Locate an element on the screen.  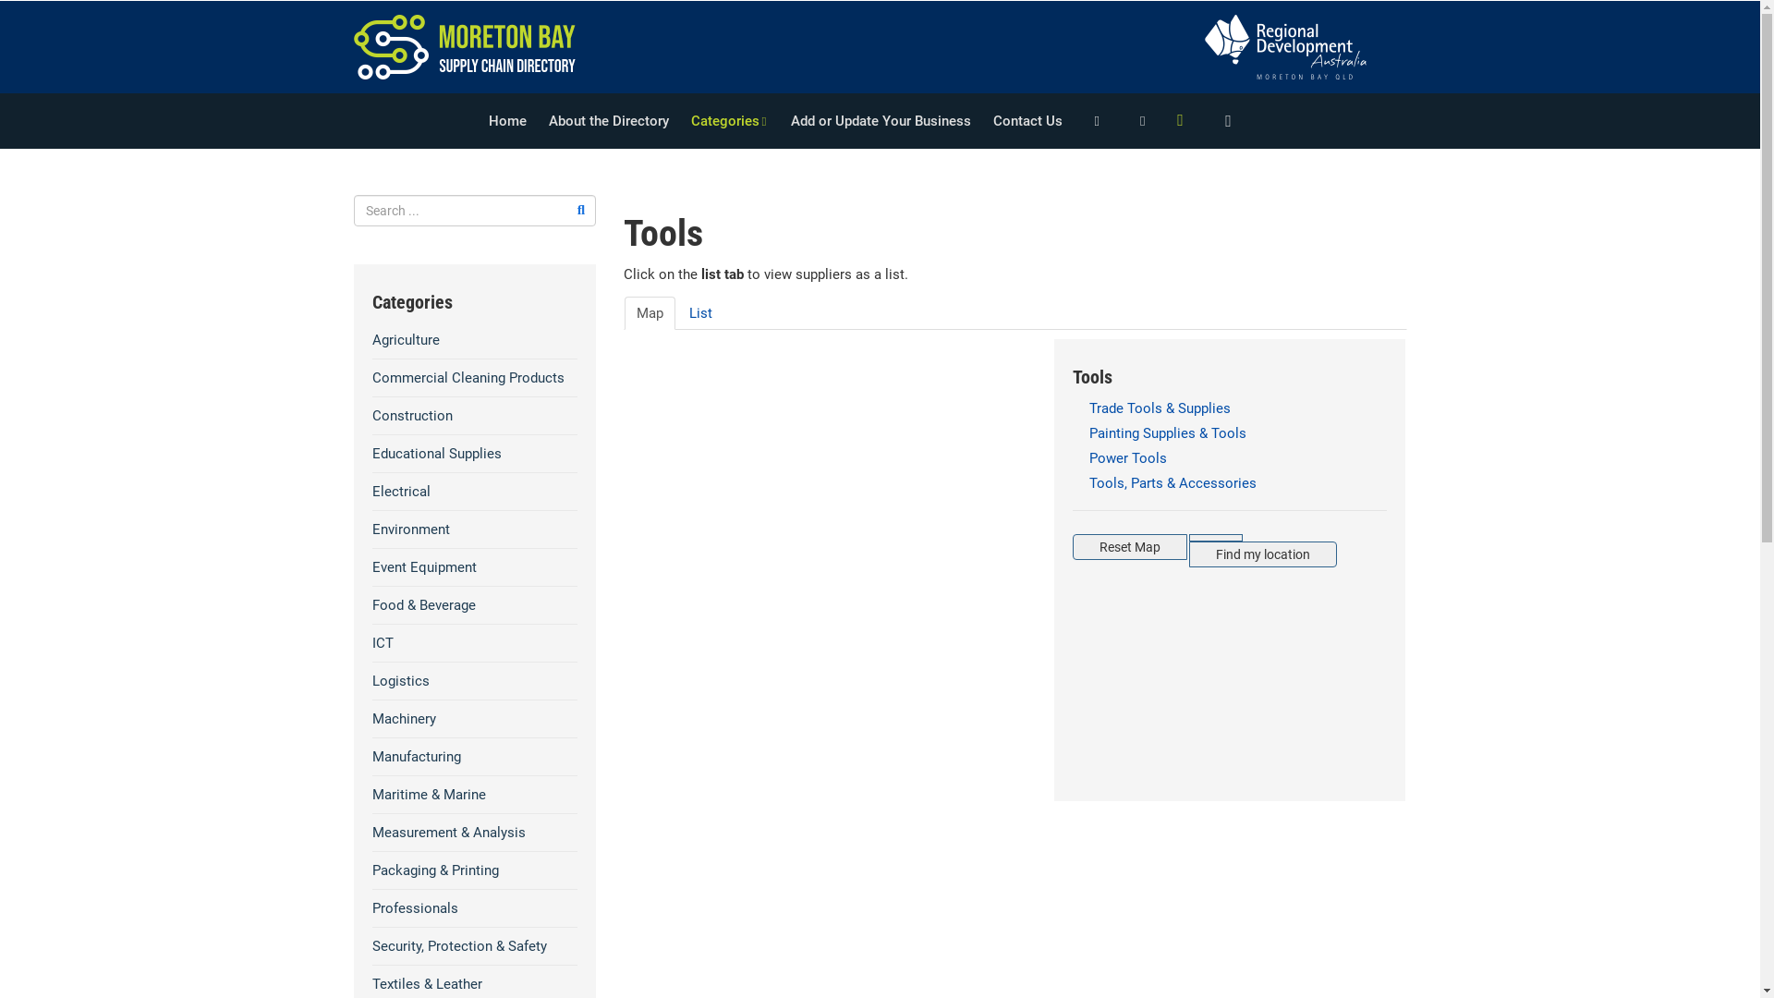
'Logistics' is located at coordinates (371, 680).